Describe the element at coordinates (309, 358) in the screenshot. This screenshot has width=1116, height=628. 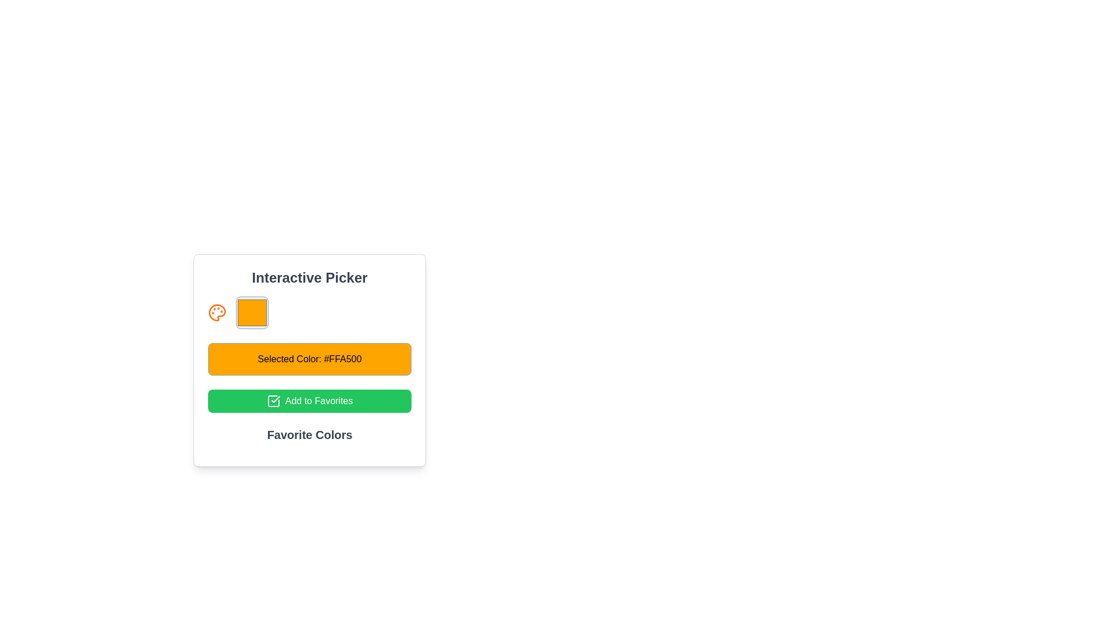
I see `the orange button-like label displaying 'Selected Color: #FFA500' which is centered below the color picker and above the 'Add to Favorites' button` at that location.